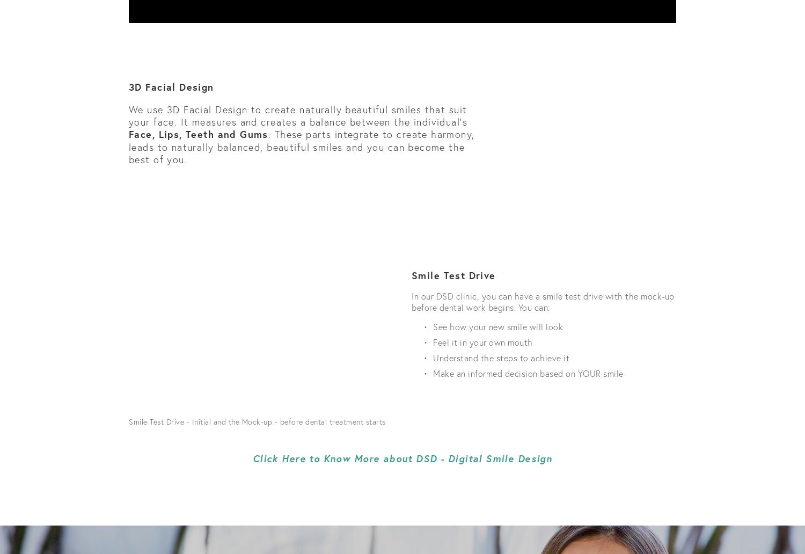  What do you see at coordinates (171, 86) in the screenshot?
I see `'3D Facial Design'` at bounding box center [171, 86].